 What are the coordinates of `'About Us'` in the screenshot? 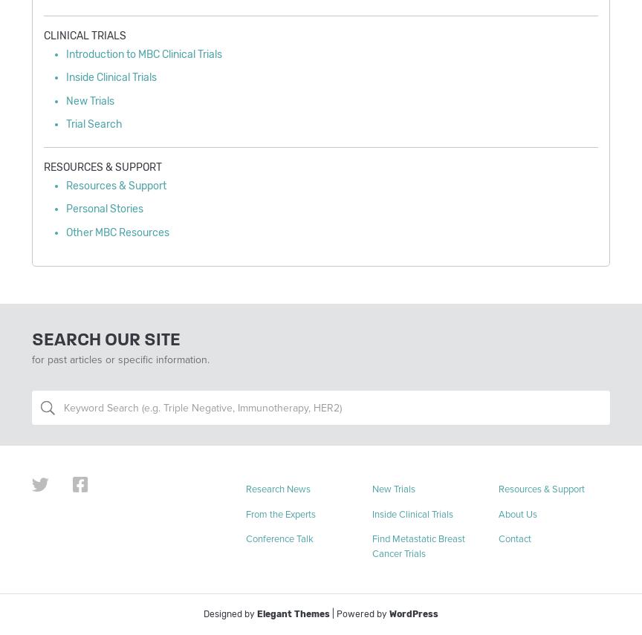 It's located at (498, 513).